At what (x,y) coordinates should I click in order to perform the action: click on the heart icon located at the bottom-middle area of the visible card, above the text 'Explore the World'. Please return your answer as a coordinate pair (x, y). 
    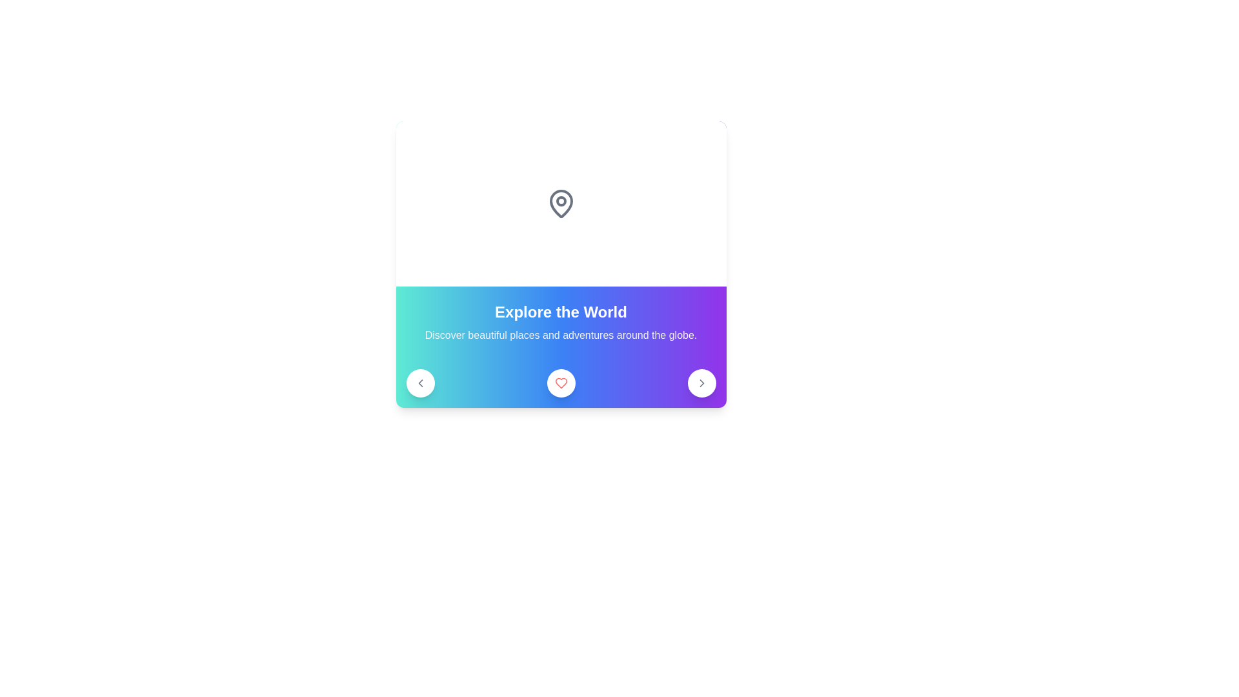
    Looking at the image, I should click on (561, 383).